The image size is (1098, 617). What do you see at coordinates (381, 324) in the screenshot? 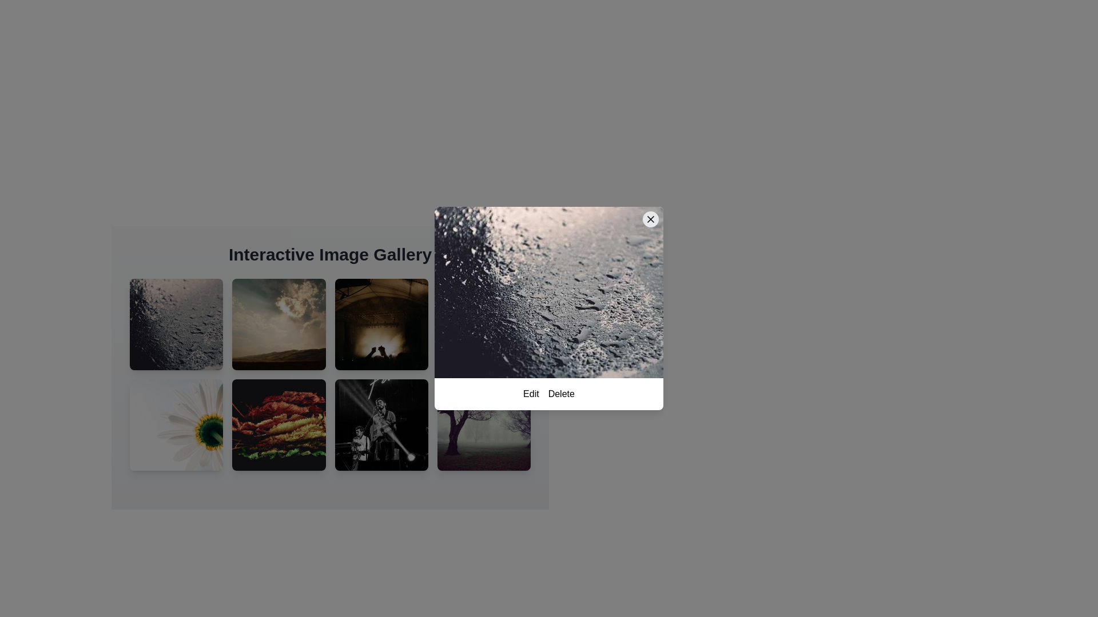
I see `the third Image card in the first row of the grid layout` at bounding box center [381, 324].